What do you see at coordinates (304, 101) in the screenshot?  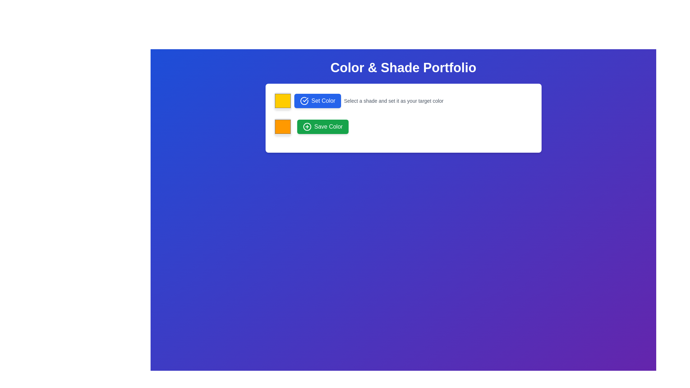 I see `icon that visually indicates a checked action, positioned to the left of the 'Set Color' text, for its stylistic details` at bounding box center [304, 101].